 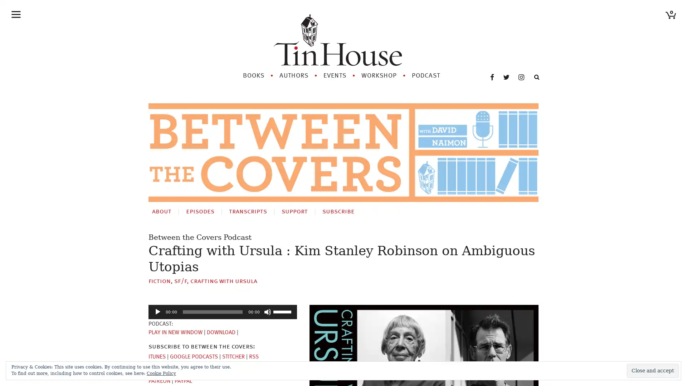 I want to click on Mute, so click(x=267, y=303).